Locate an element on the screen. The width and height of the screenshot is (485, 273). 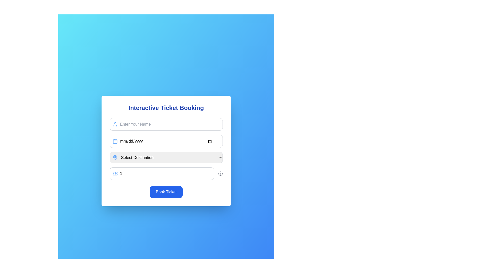
the heading displaying 'Interactive Ticket Booking' in blue color and bold font, which is positioned at the top of the form section is located at coordinates (166, 107).